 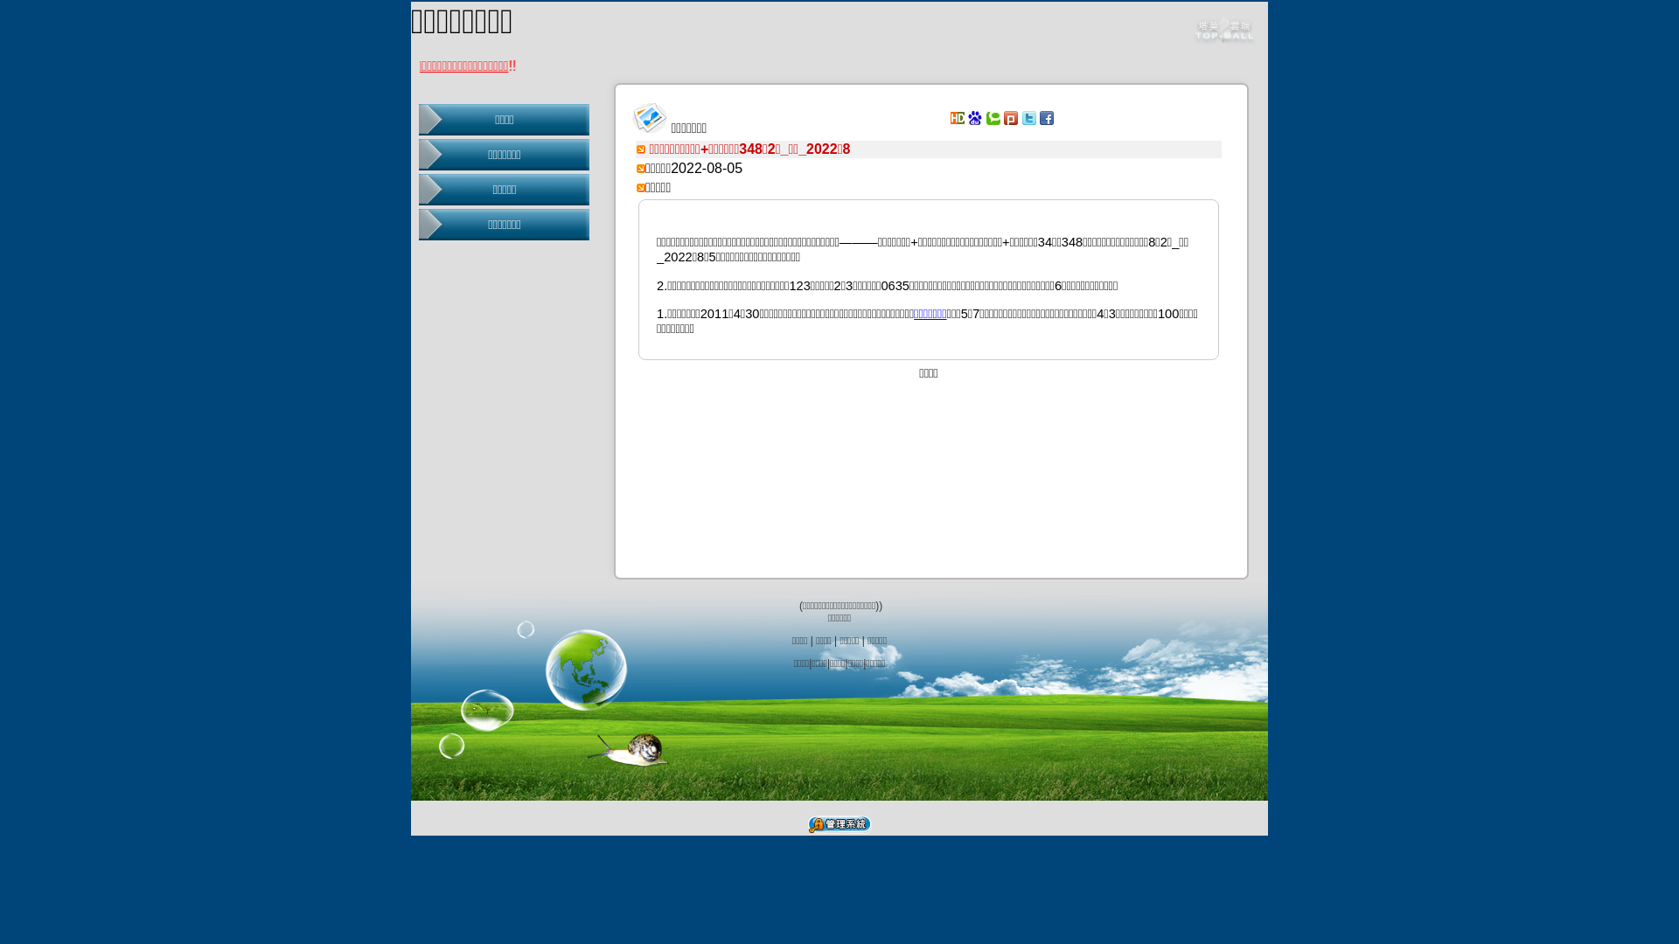 I want to click on 'HemiDemi', so click(x=956, y=117).